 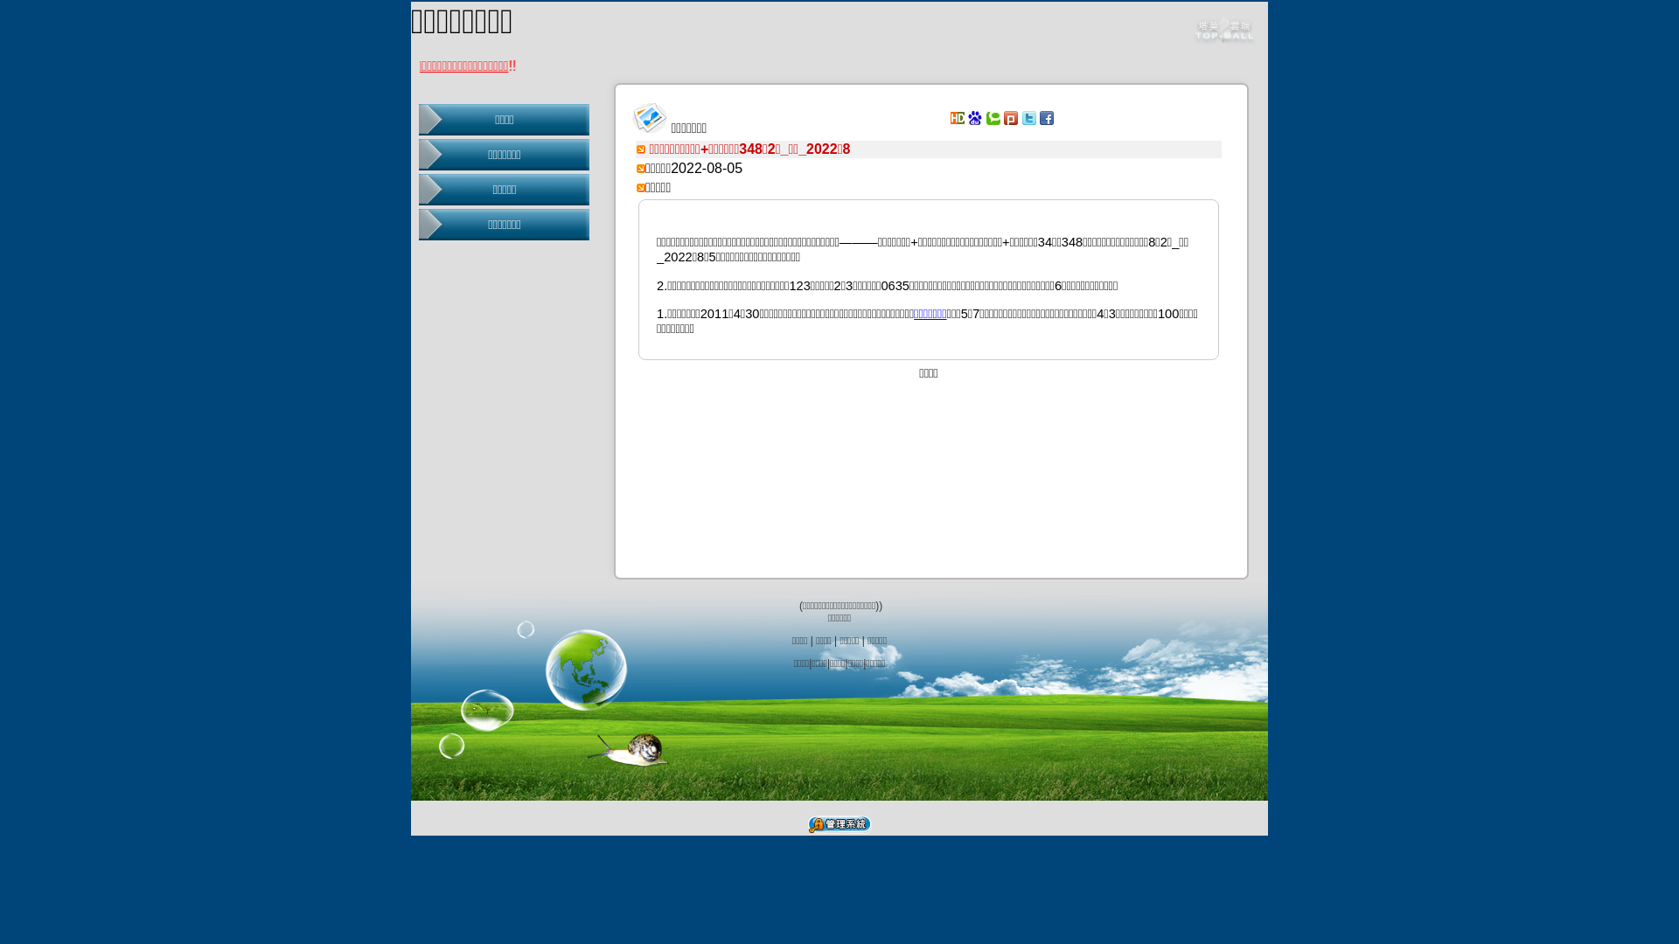 I want to click on 'HemiDemi', so click(x=956, y=117).